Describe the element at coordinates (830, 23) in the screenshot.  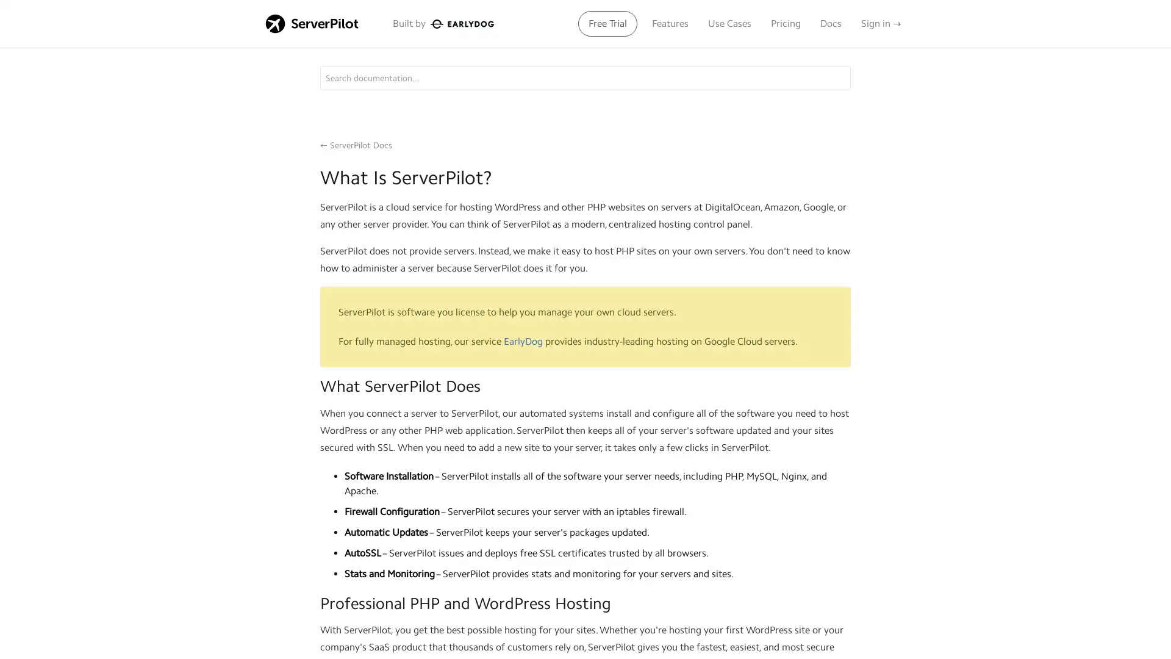
I see `Docs` at that location.